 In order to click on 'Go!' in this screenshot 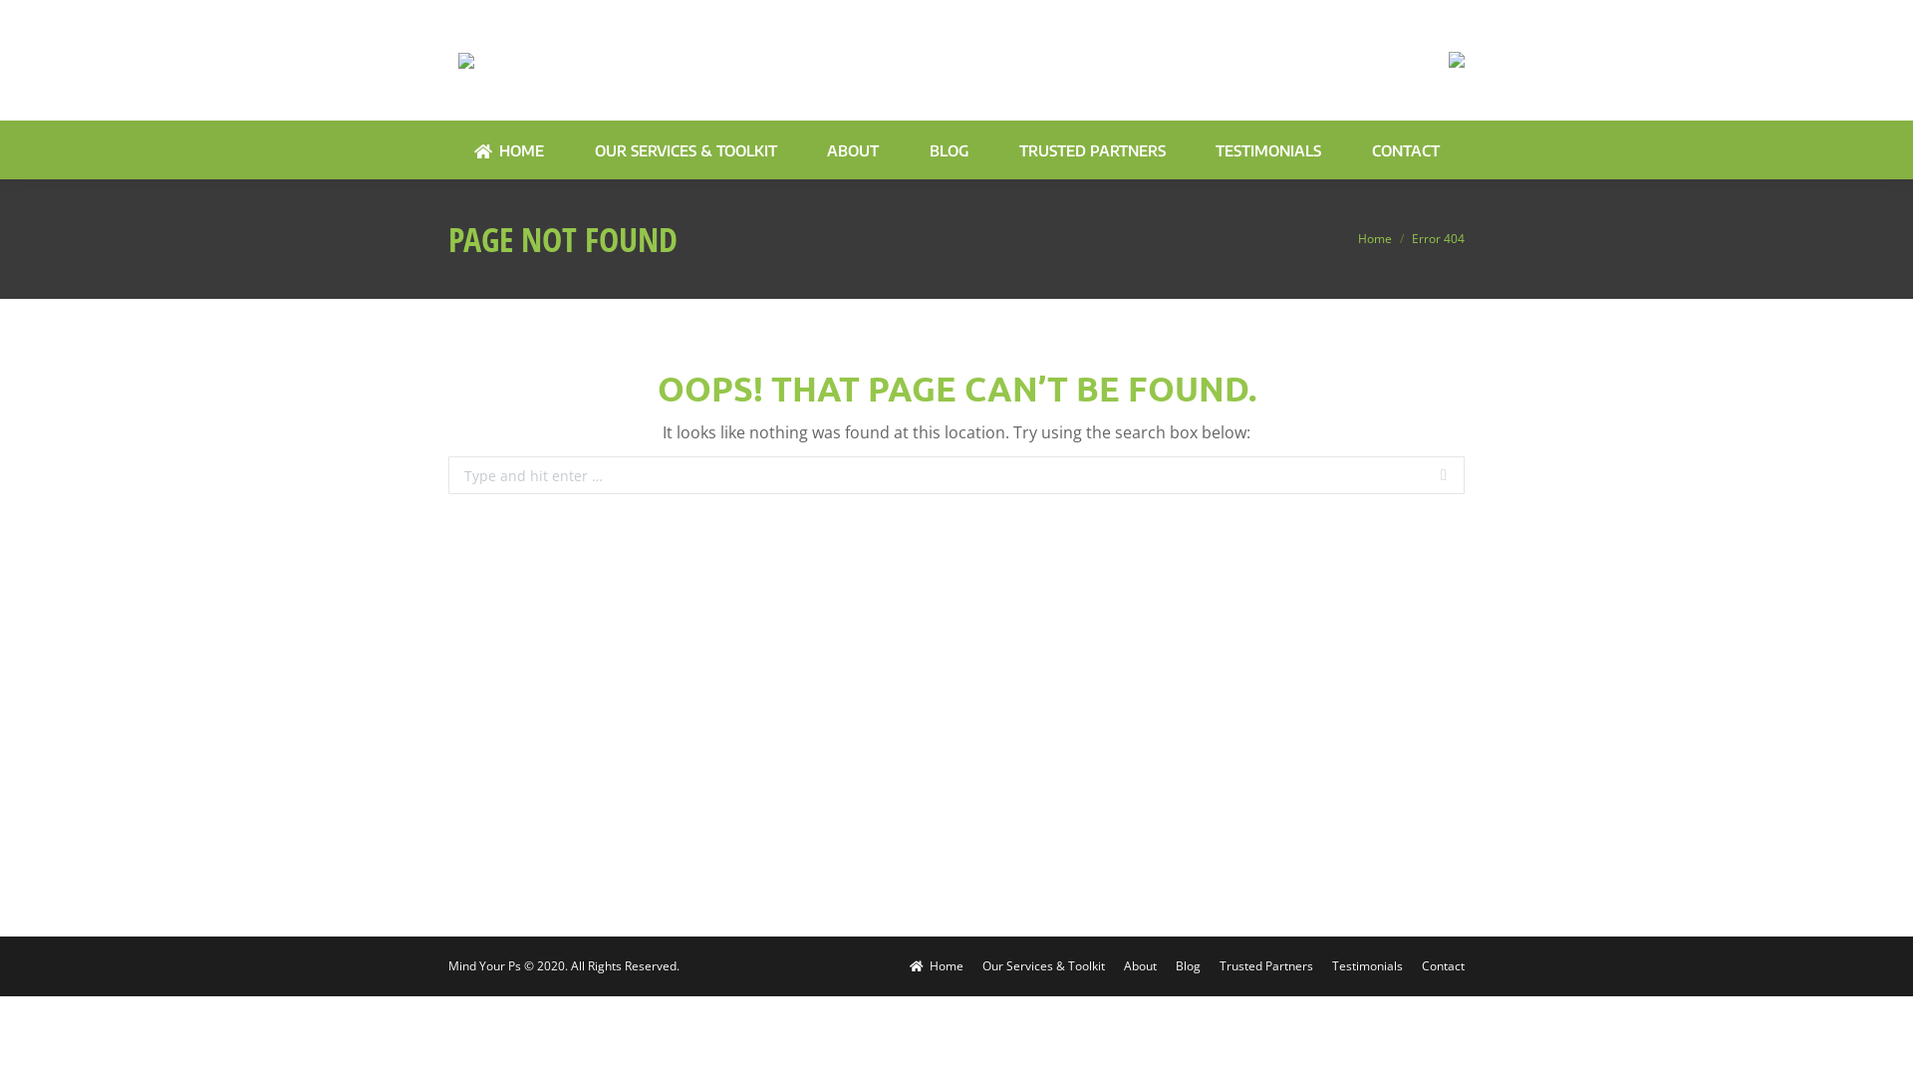, I will do `click(1464, 476)`.